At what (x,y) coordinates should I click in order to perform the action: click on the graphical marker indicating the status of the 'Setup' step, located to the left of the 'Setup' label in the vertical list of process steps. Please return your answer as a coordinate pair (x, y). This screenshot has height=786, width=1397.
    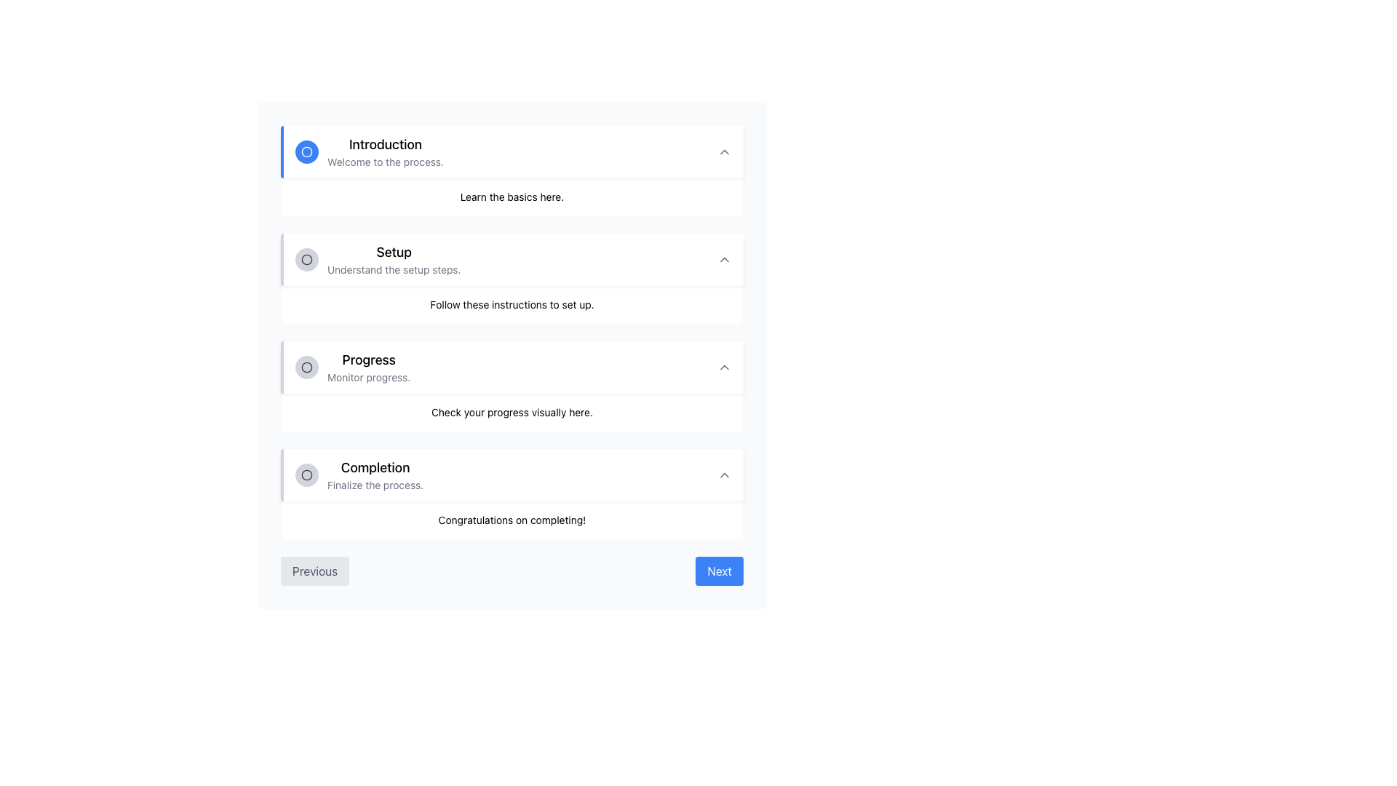
    Looking at the image, I should click on (306, 259).